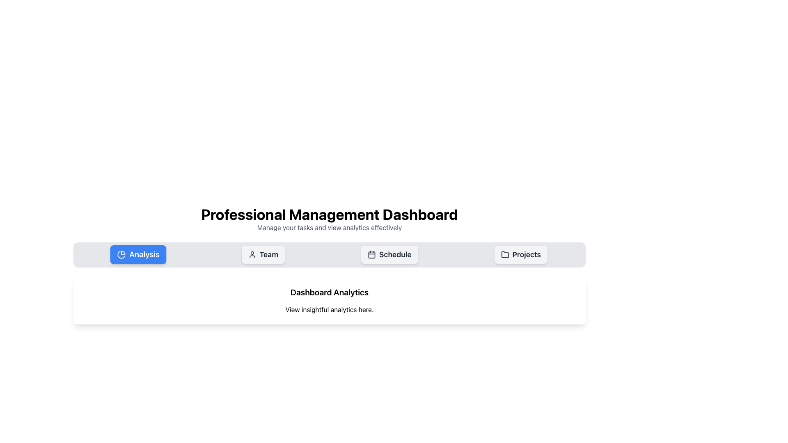  What do you see at coordinates (121, 254) in the screenshot?
I see `the analysis icon located inside the blue 'Analysis' button, which visually represents analysis or data visualization` at bounding box center [121, 254].